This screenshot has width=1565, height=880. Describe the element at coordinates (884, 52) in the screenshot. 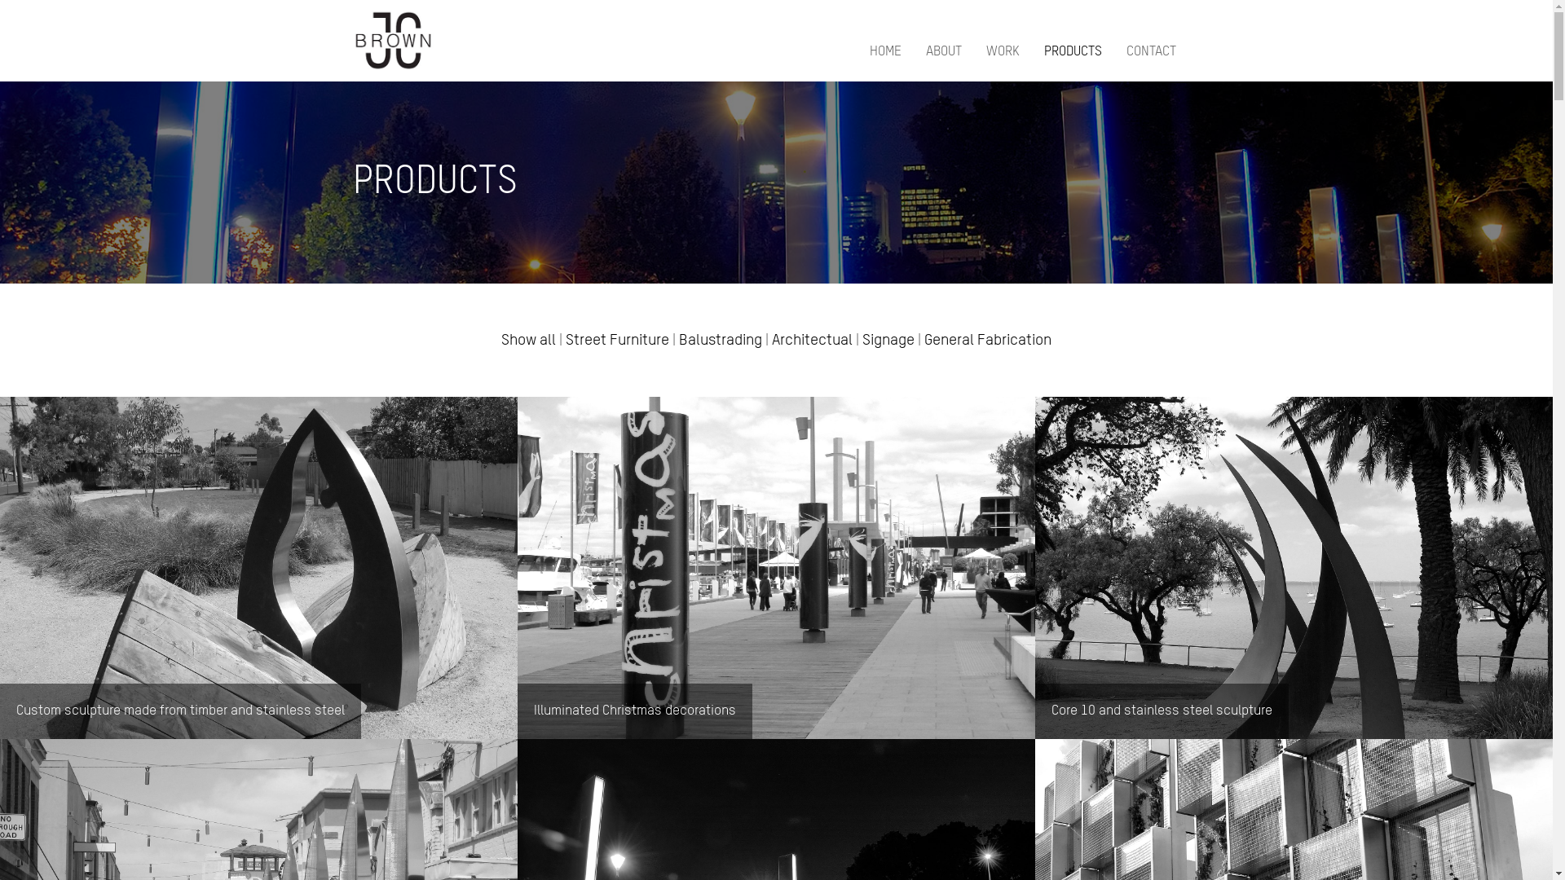

I see `'HOME'` at that location.